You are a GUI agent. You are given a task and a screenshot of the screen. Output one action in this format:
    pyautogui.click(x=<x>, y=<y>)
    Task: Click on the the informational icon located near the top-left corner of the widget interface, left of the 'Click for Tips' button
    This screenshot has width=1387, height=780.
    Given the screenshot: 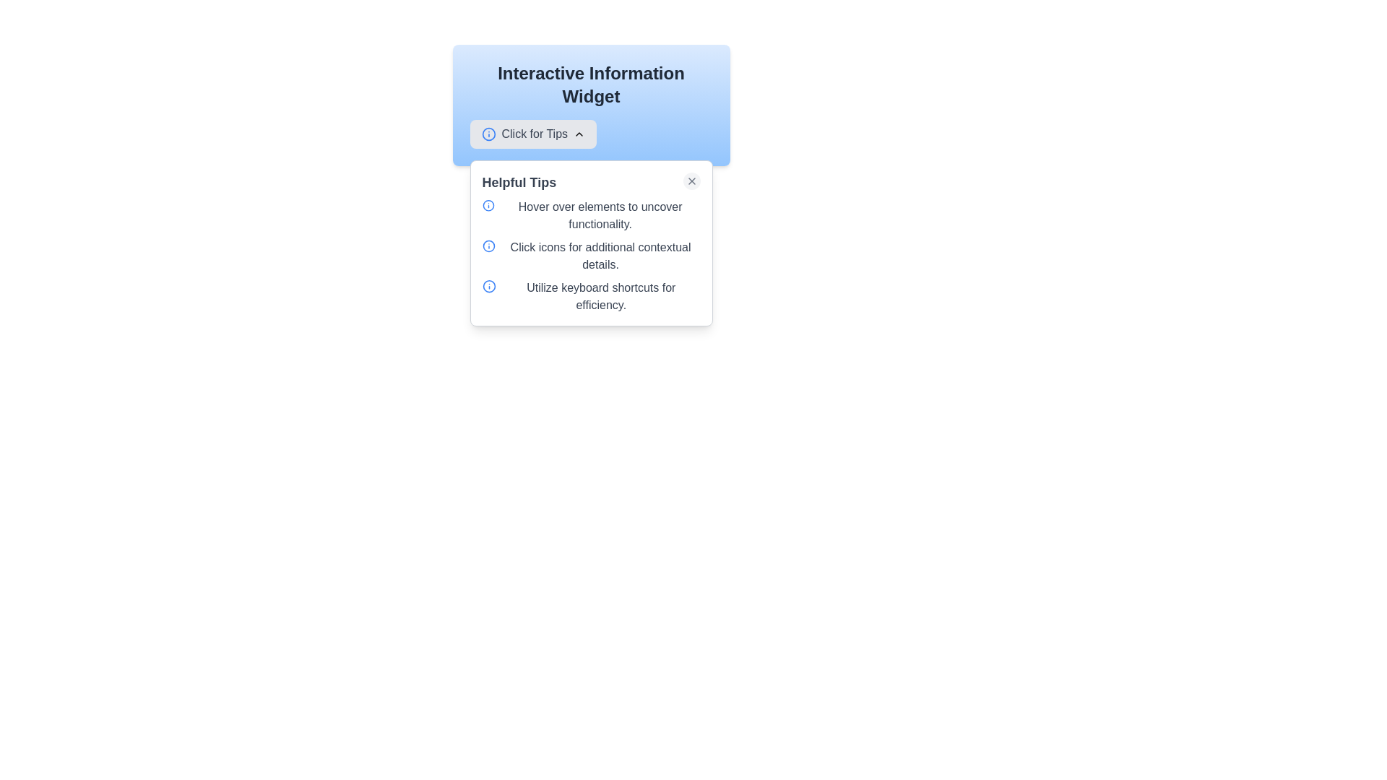 What is the action you would take?
    pyautogui.click(x=489, y=287)
    